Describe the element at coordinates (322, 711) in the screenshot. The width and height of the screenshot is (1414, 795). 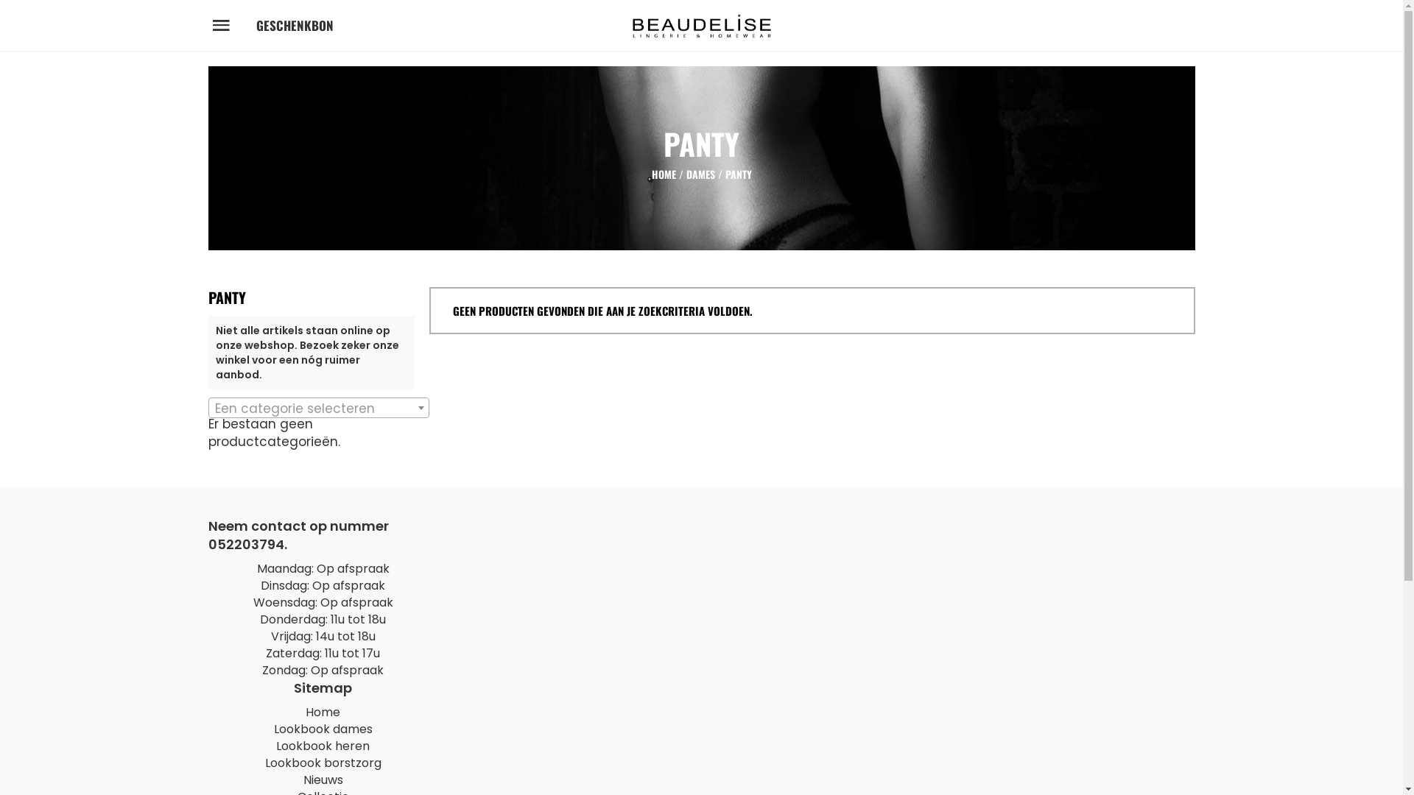
I see `'Home'` at that location.